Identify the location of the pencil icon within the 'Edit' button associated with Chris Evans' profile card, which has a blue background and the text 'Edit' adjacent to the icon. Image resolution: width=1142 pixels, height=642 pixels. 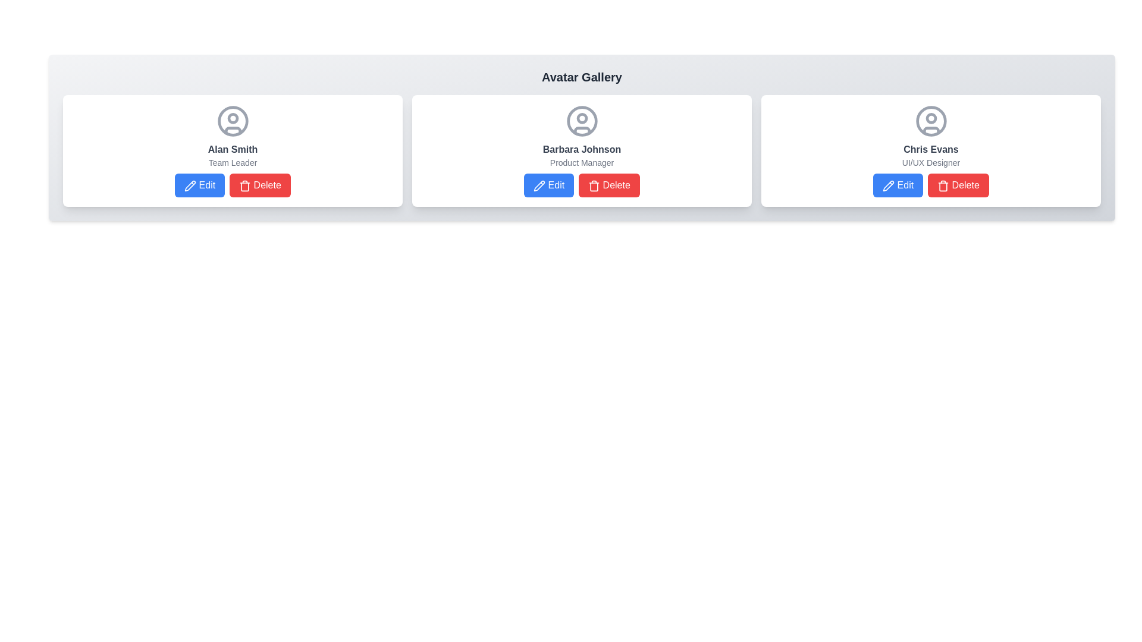
(889, 185).